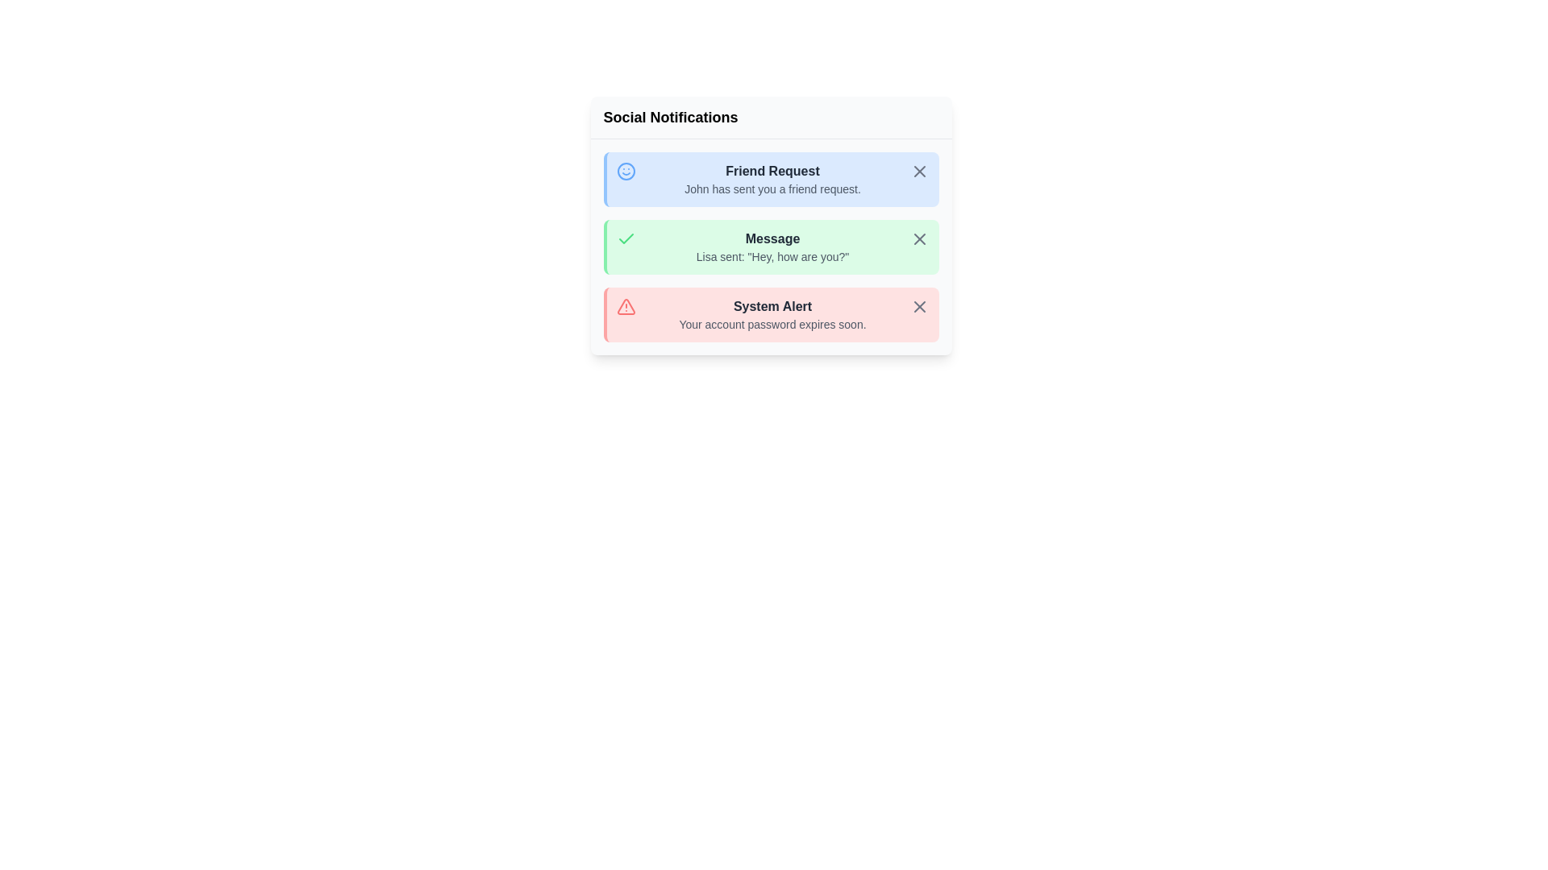 The image size is (1548, 870). I want to click on the Text Label at the top of the pale red notification box, which summarizes the content of the notification and is located above a small warning icon and a close button, so click(772, 307).